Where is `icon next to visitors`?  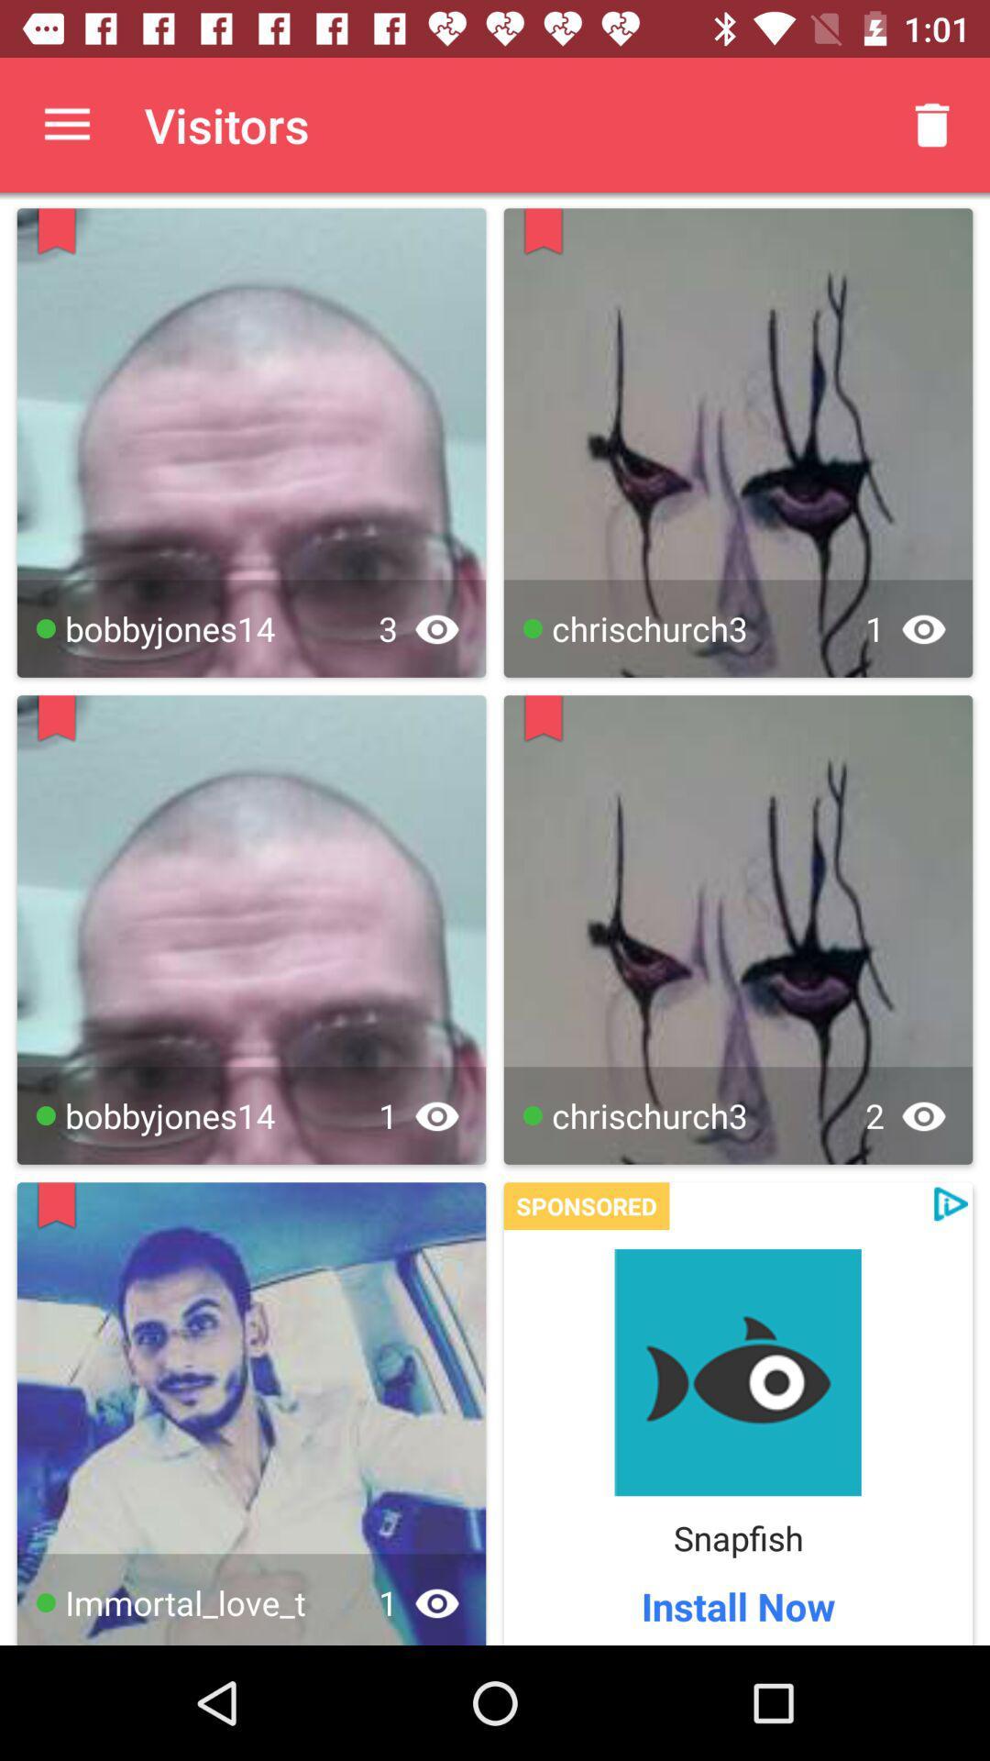
icon next to visitors is located at coordinates (932, 124).